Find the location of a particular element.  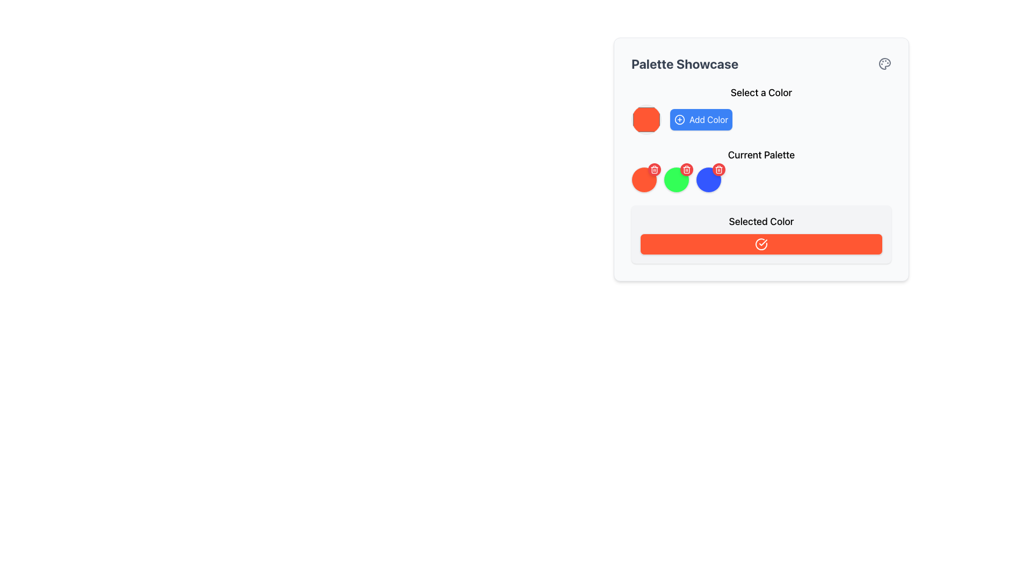

the circular graphical outline within the vector-based icon, which is part of a group of components near the 'Add Color' button in the top right of the interface is located at coordinates (679, 120).